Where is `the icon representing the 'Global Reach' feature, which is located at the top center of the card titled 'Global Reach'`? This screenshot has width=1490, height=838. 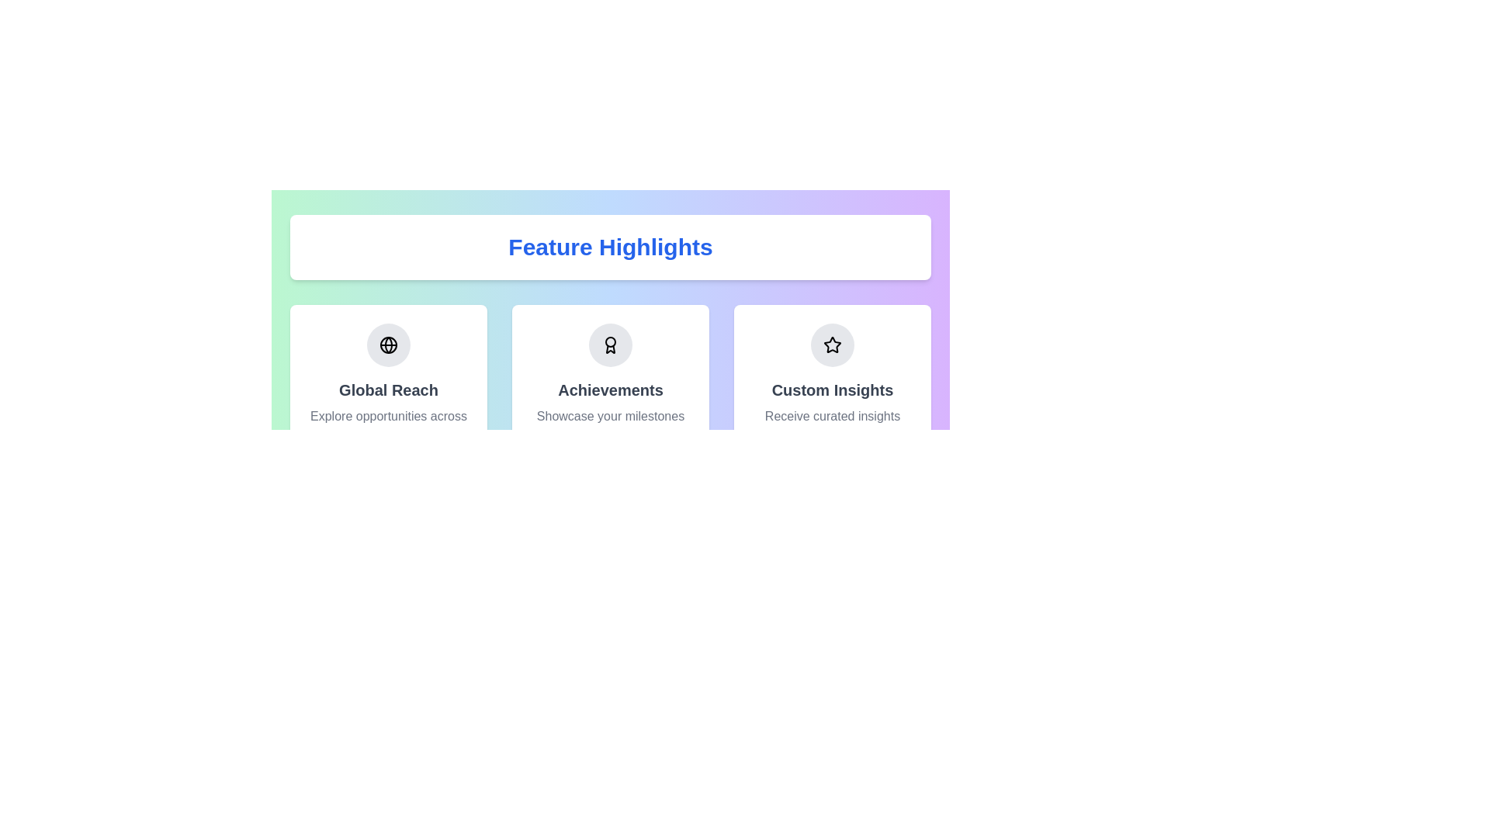 the icon representing the 'Global Reach' feature, which is located at the top center of the card titled 'Global Reach' is located at coordinates (388, 344).